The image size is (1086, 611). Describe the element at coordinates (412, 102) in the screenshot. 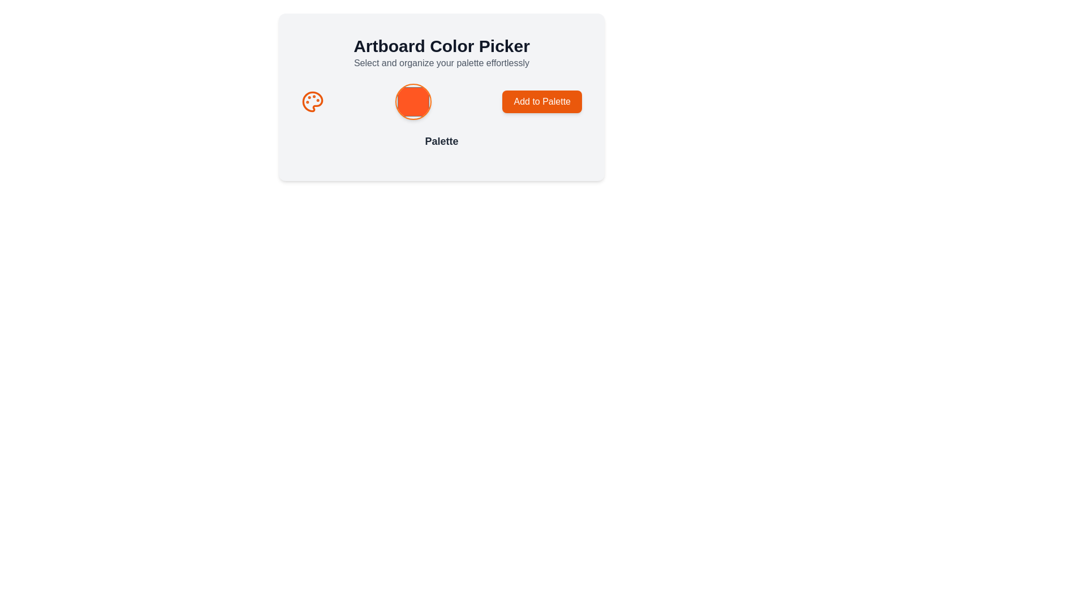

I see `the bright orange Circle-shaped color selector` at that location.